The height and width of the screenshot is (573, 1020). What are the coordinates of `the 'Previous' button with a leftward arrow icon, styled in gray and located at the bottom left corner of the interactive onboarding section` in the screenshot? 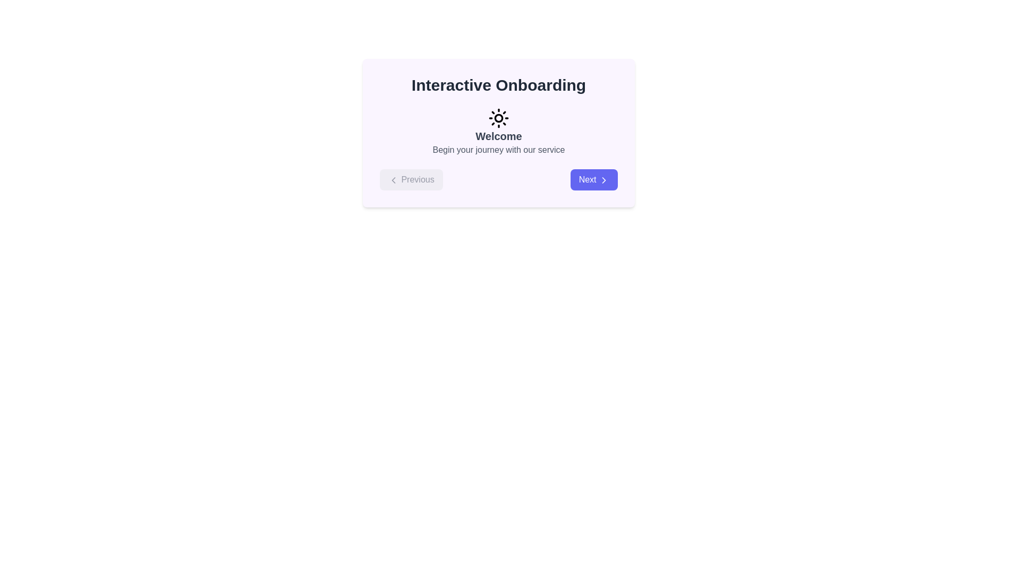 It's located at (411, 179).